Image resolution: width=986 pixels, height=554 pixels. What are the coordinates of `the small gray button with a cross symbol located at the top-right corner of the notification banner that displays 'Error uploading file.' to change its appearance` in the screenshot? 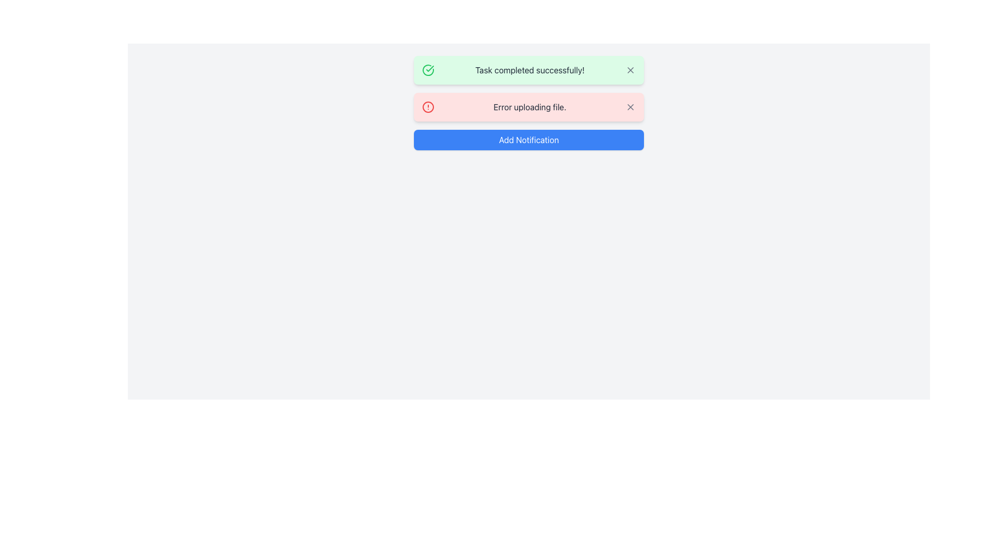 It's located at (630, 107).